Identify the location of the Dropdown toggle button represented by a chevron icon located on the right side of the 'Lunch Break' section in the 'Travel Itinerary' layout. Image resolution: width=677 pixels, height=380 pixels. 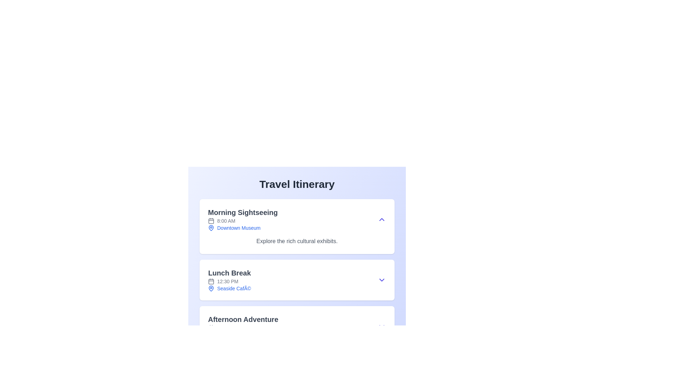
(382, 279).